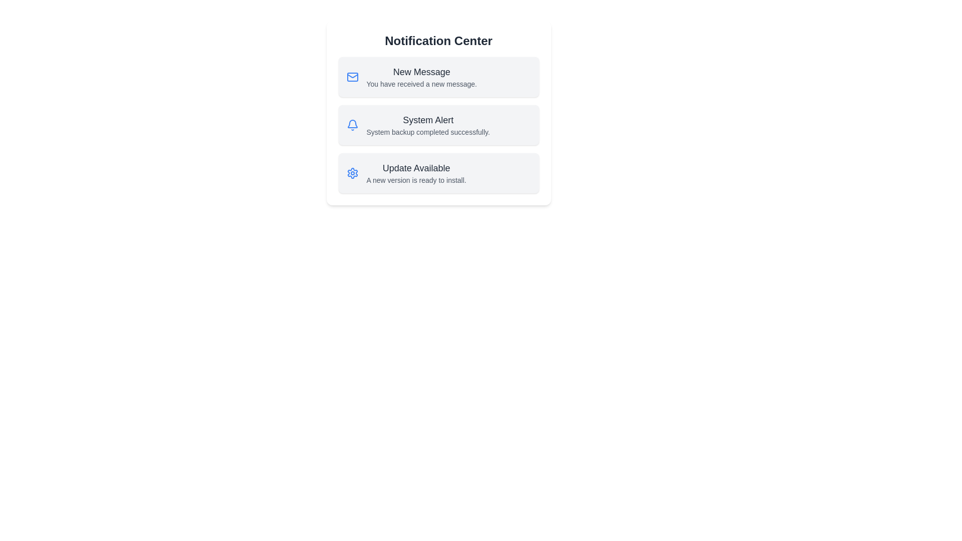 This screenshot has width=962, height=541. What do you see at coordinates (352, 173) in the screenshot?
I see `the blue gear icon representing settings, located next to the text 'Update Available' in the third notification item of the notification center` at bounding box center [352, 173].